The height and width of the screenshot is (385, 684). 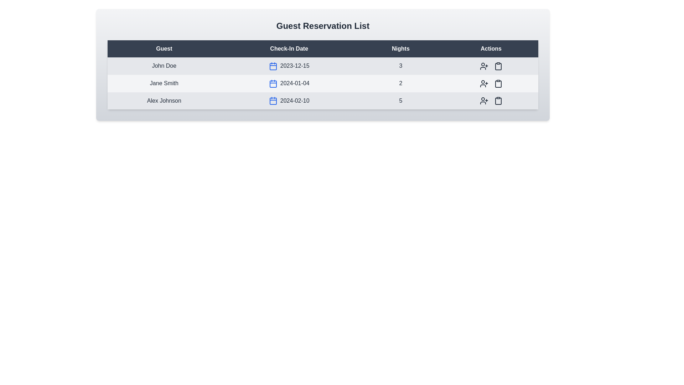 What do you see at coordinates (400, 66) in the screenshot?
I see `the informational text display in the 'Nights' column, which indicates the number of nights reserved for the associated guest, located next to the 'Check-In Date' column` at bounding box center [400, 66].